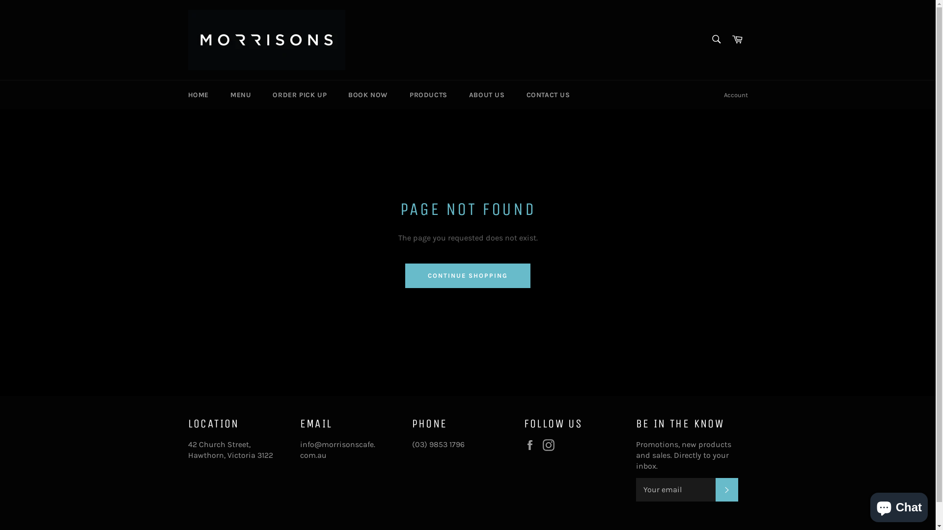  Describe the element at coordinates (240, 95) in the screenshot. I see `'MENU'` at that location.